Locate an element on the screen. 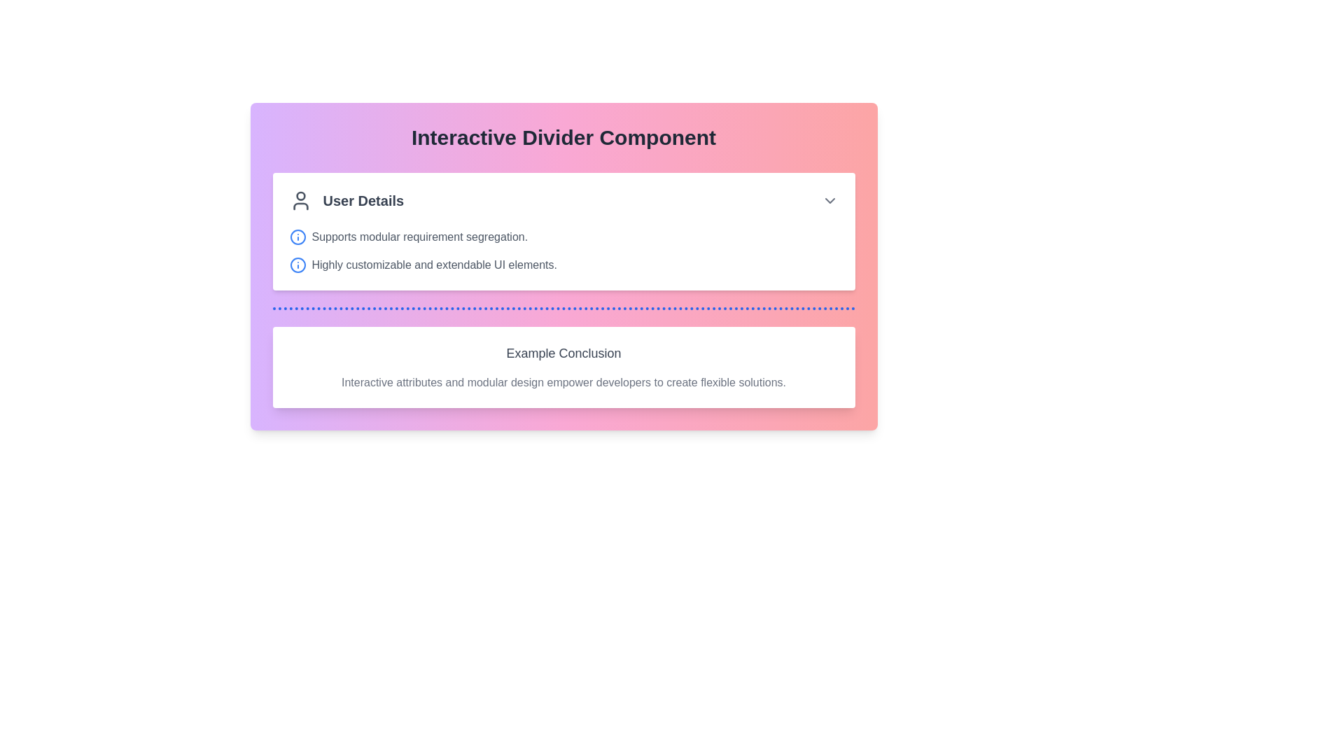 This screenshot has width=1344, height=756. the informational icon located to the left of the text 'Supports modular requirement segregation.' in the 'User Details' section is located at coordinates (297, 237).